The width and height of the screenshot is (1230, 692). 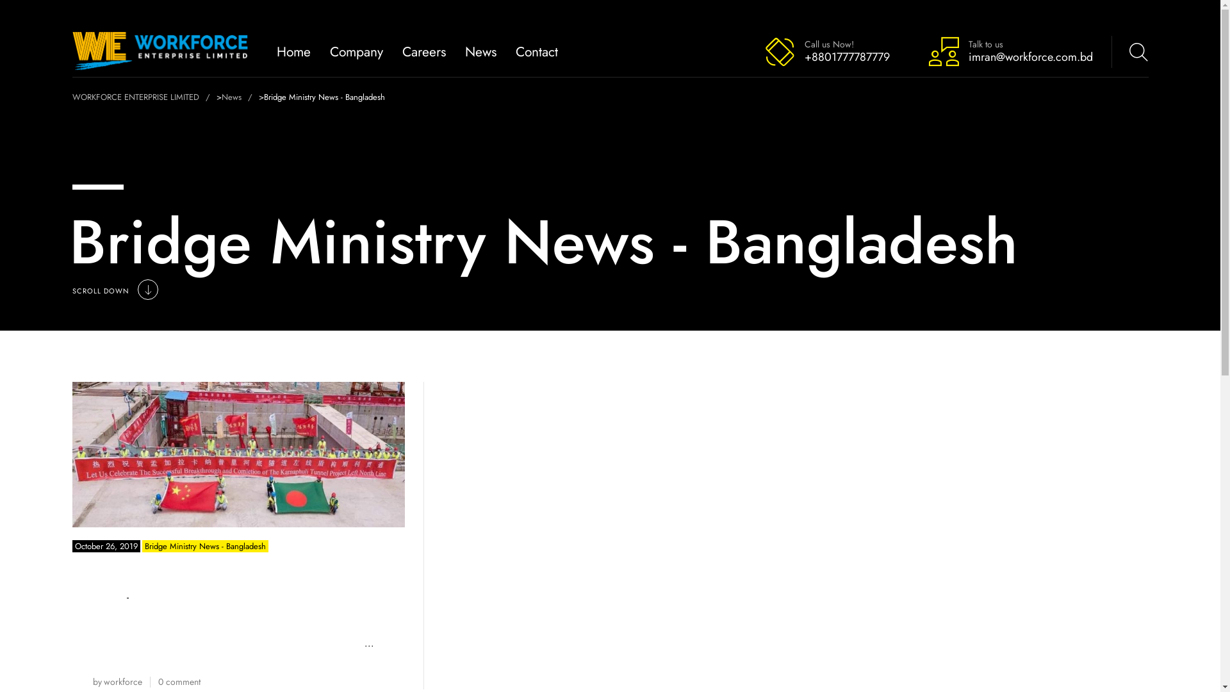 What do you see at coordinates (293, 51) in the screenshot?
I see `'Home'` at bounding box center [293, 51].